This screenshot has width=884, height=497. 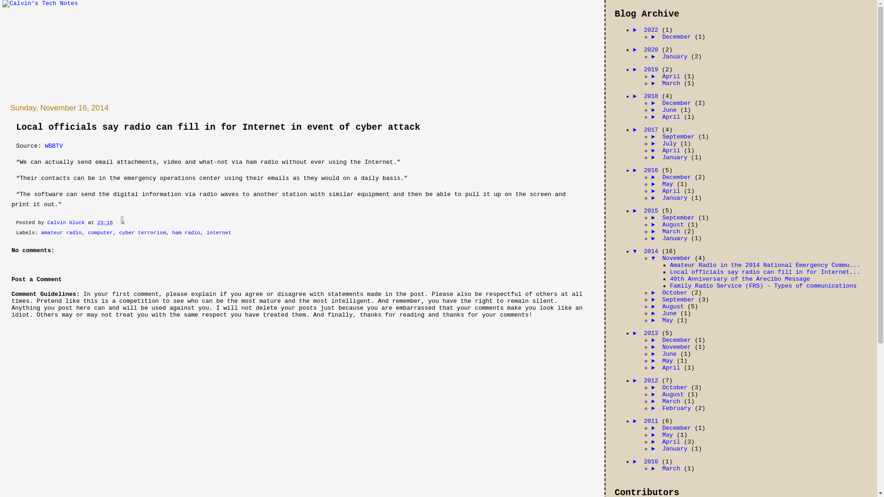 I want to click on 'August', so click(x=675, y=225).